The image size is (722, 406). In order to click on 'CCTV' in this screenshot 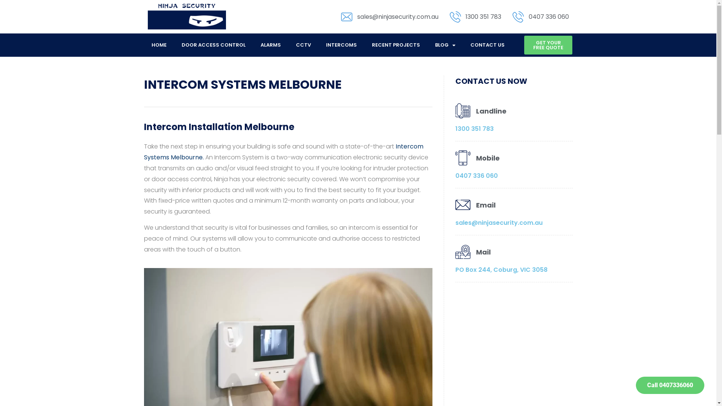, I will do `click(288, 45)`.